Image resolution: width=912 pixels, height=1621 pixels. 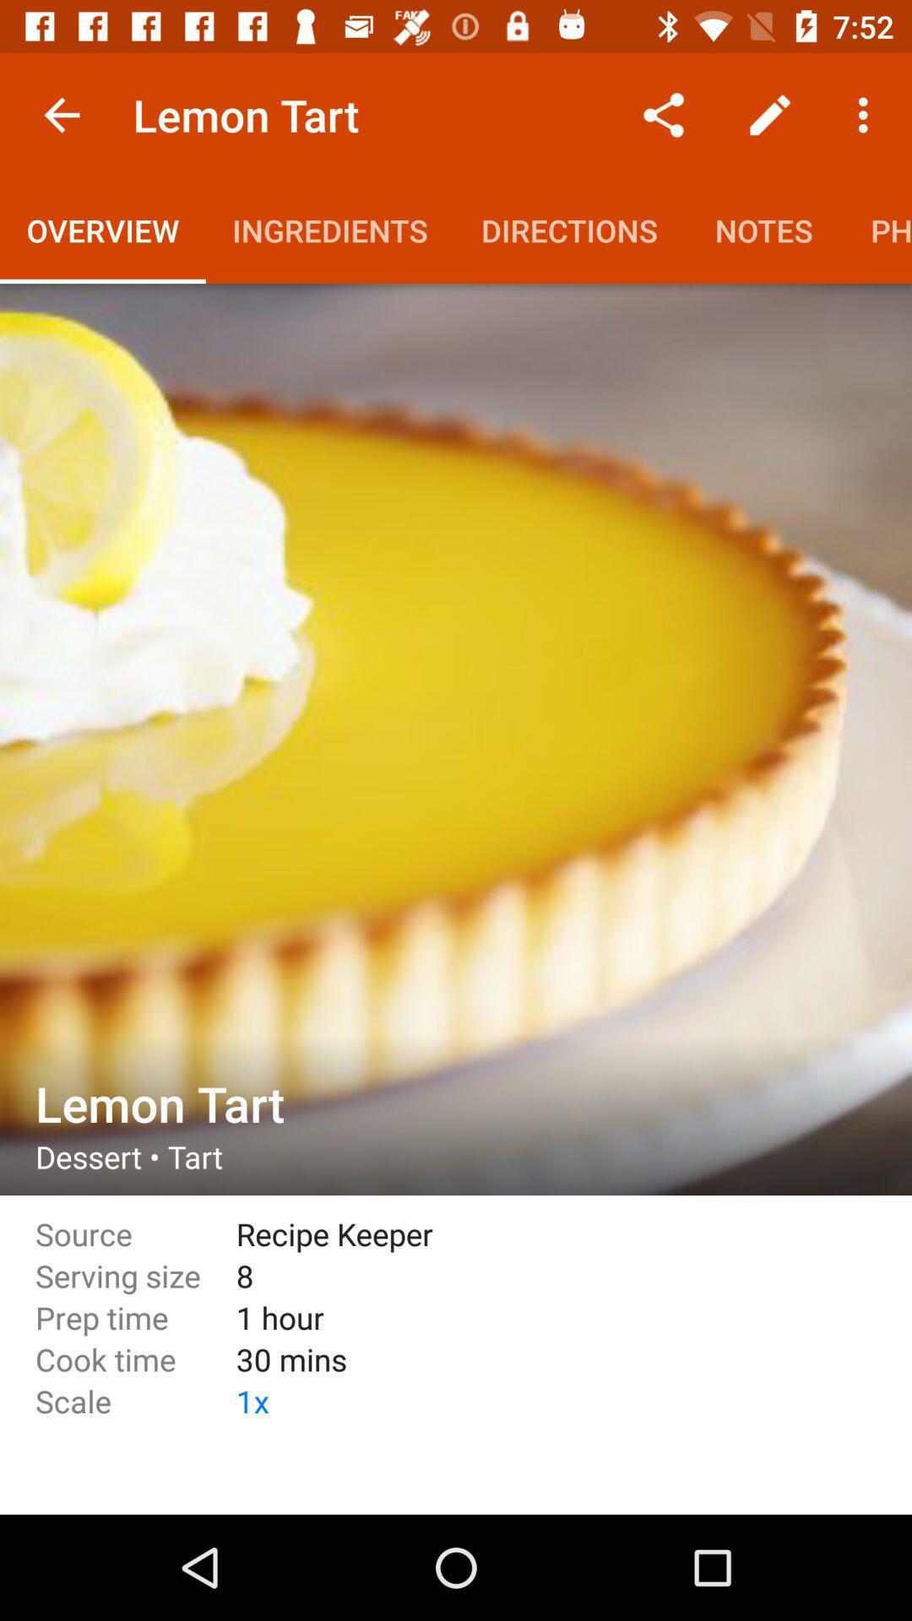 I want to click on the icon in the top right corner, so click(x=867, y=115).